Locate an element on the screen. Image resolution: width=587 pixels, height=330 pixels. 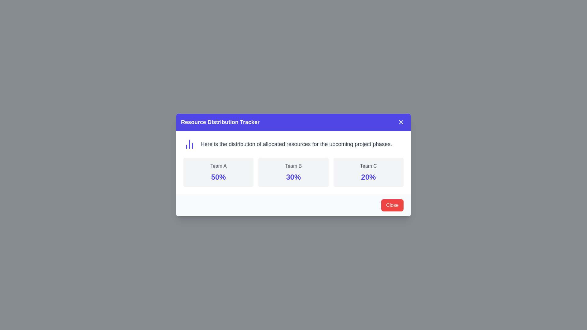
the indigo chart icon with three vertical bars, which is the first item in a horizontal group alongside descriptive text is located at coordinates (189, 144).